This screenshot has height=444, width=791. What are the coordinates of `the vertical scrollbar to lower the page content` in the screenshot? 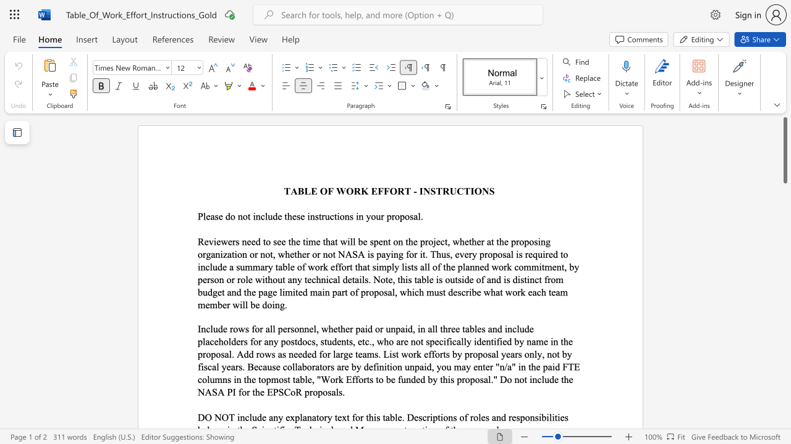 It's located at (784, 208).